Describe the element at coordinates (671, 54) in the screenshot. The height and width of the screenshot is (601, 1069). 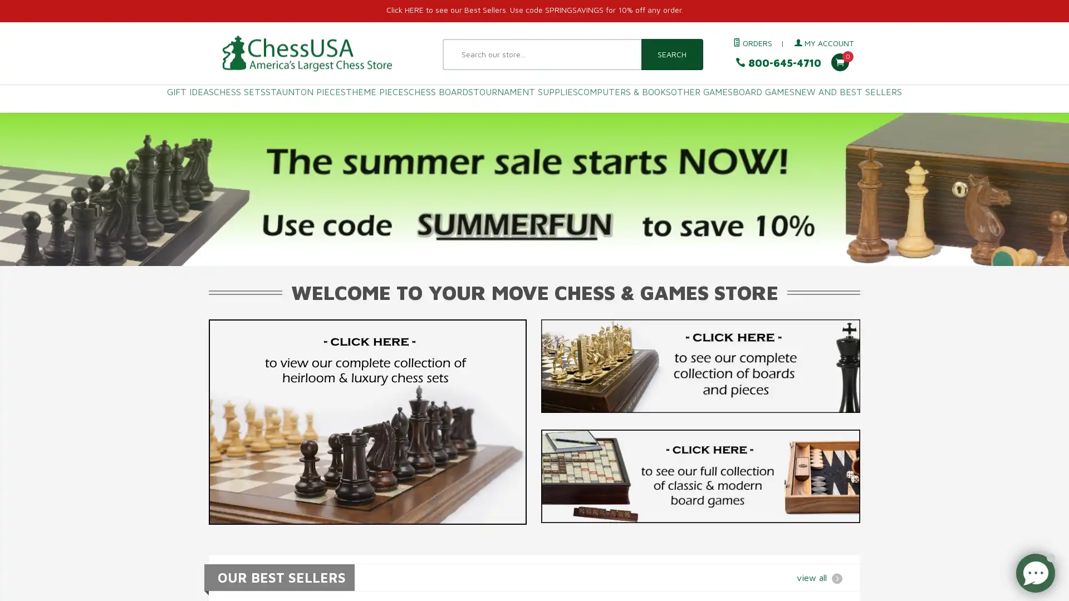
I see `SEARCH` at that location.